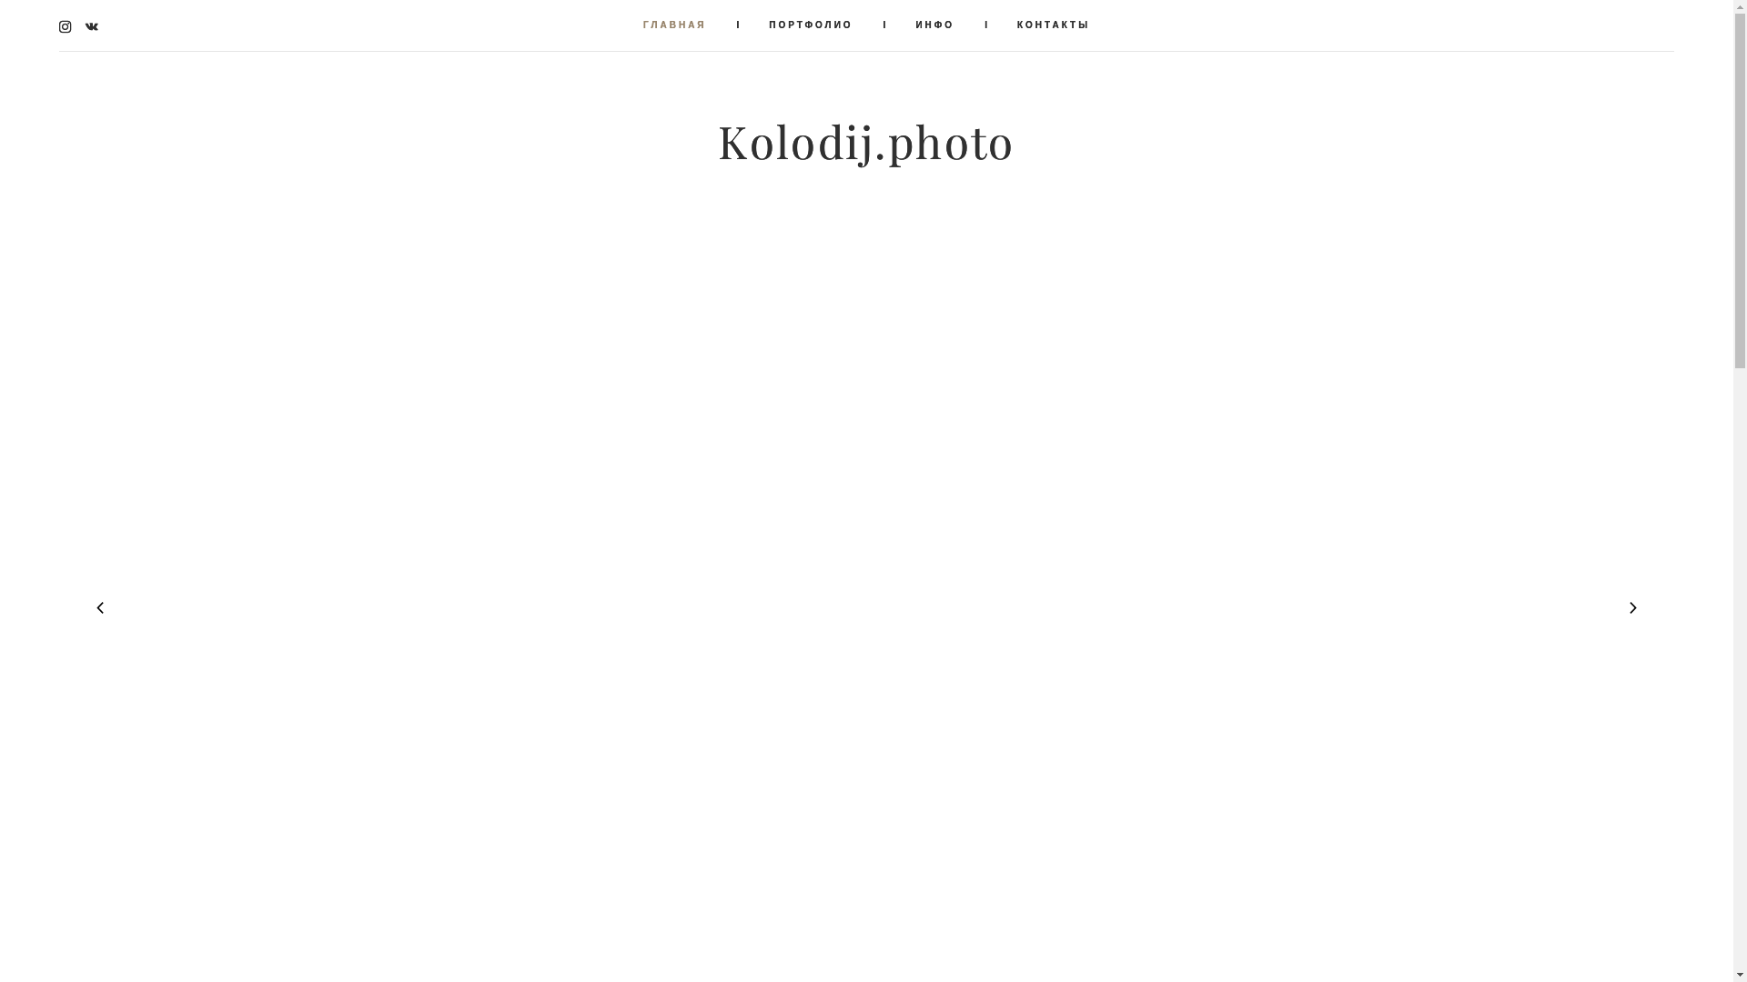 This screenshot has height=982, width=1747. Describe the element at coordinates (865, 142) in the screenshot. I see `'Kolodij.photo'` at that location.